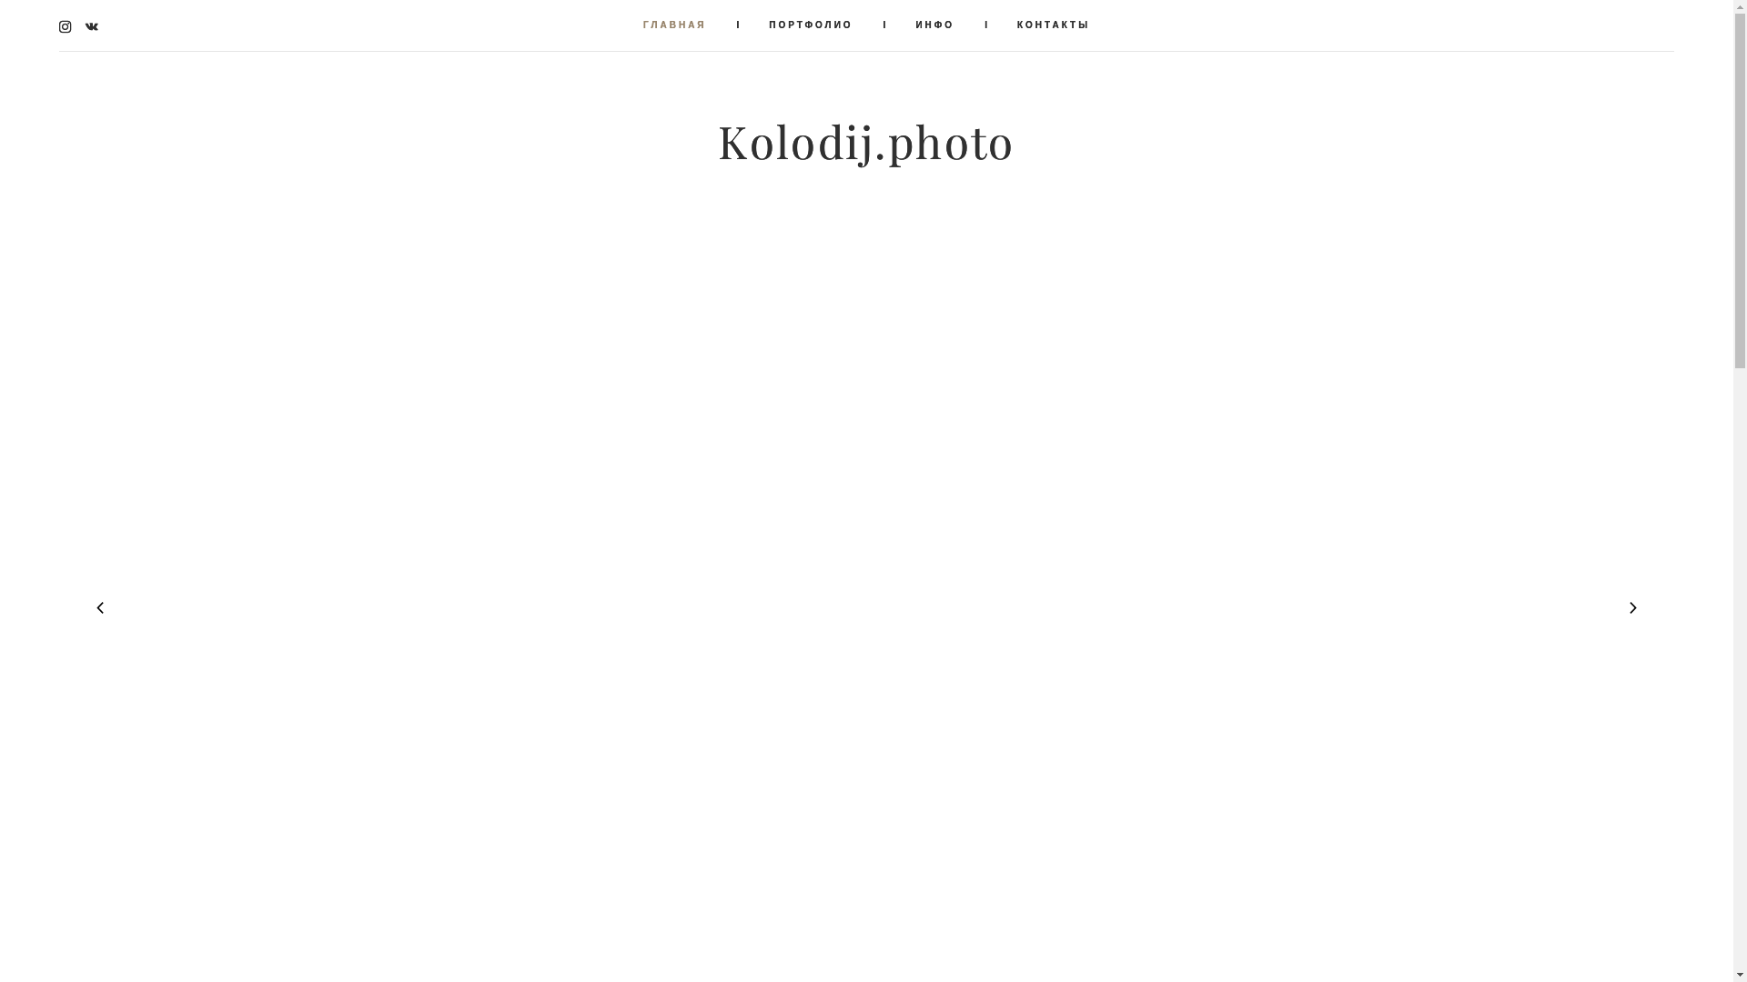 This screenshot has height=982, width=1747. Describe the element at coordinates (865, 142) in the screenshot. I see `'Kolodij.photo'` at that location.